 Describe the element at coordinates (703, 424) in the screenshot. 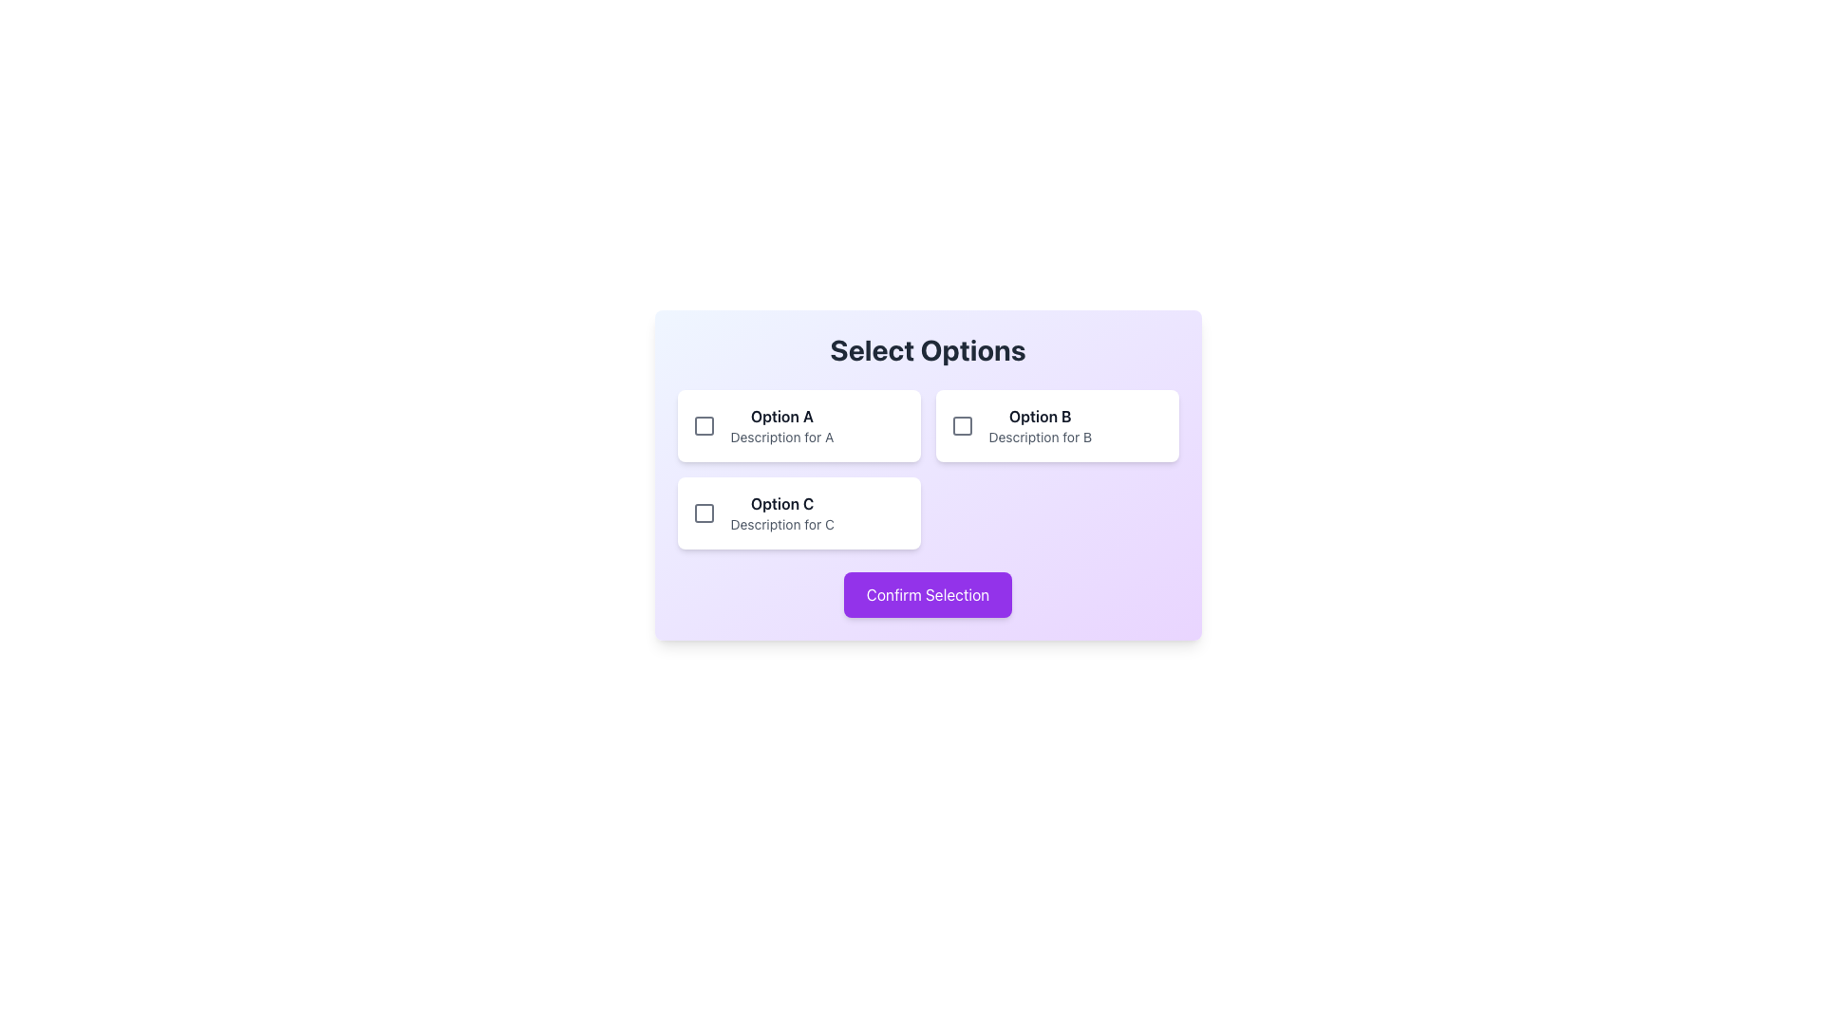

I see `the first checkbox located to the left of the text 'Option A Description for A' using keyboard navigation if accessible support is provided` at that location.